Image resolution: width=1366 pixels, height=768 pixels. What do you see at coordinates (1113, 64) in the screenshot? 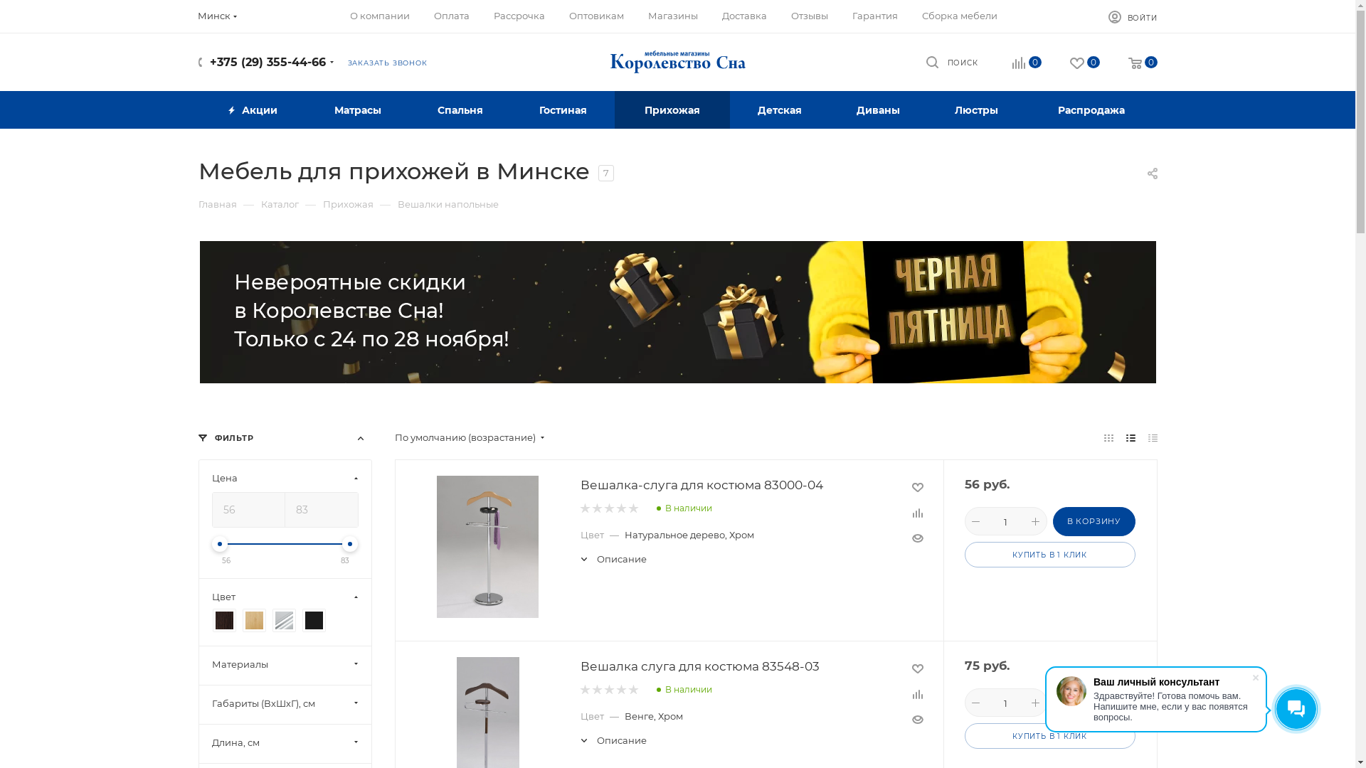
I see `'0'` at bounding box center [1113, 64].